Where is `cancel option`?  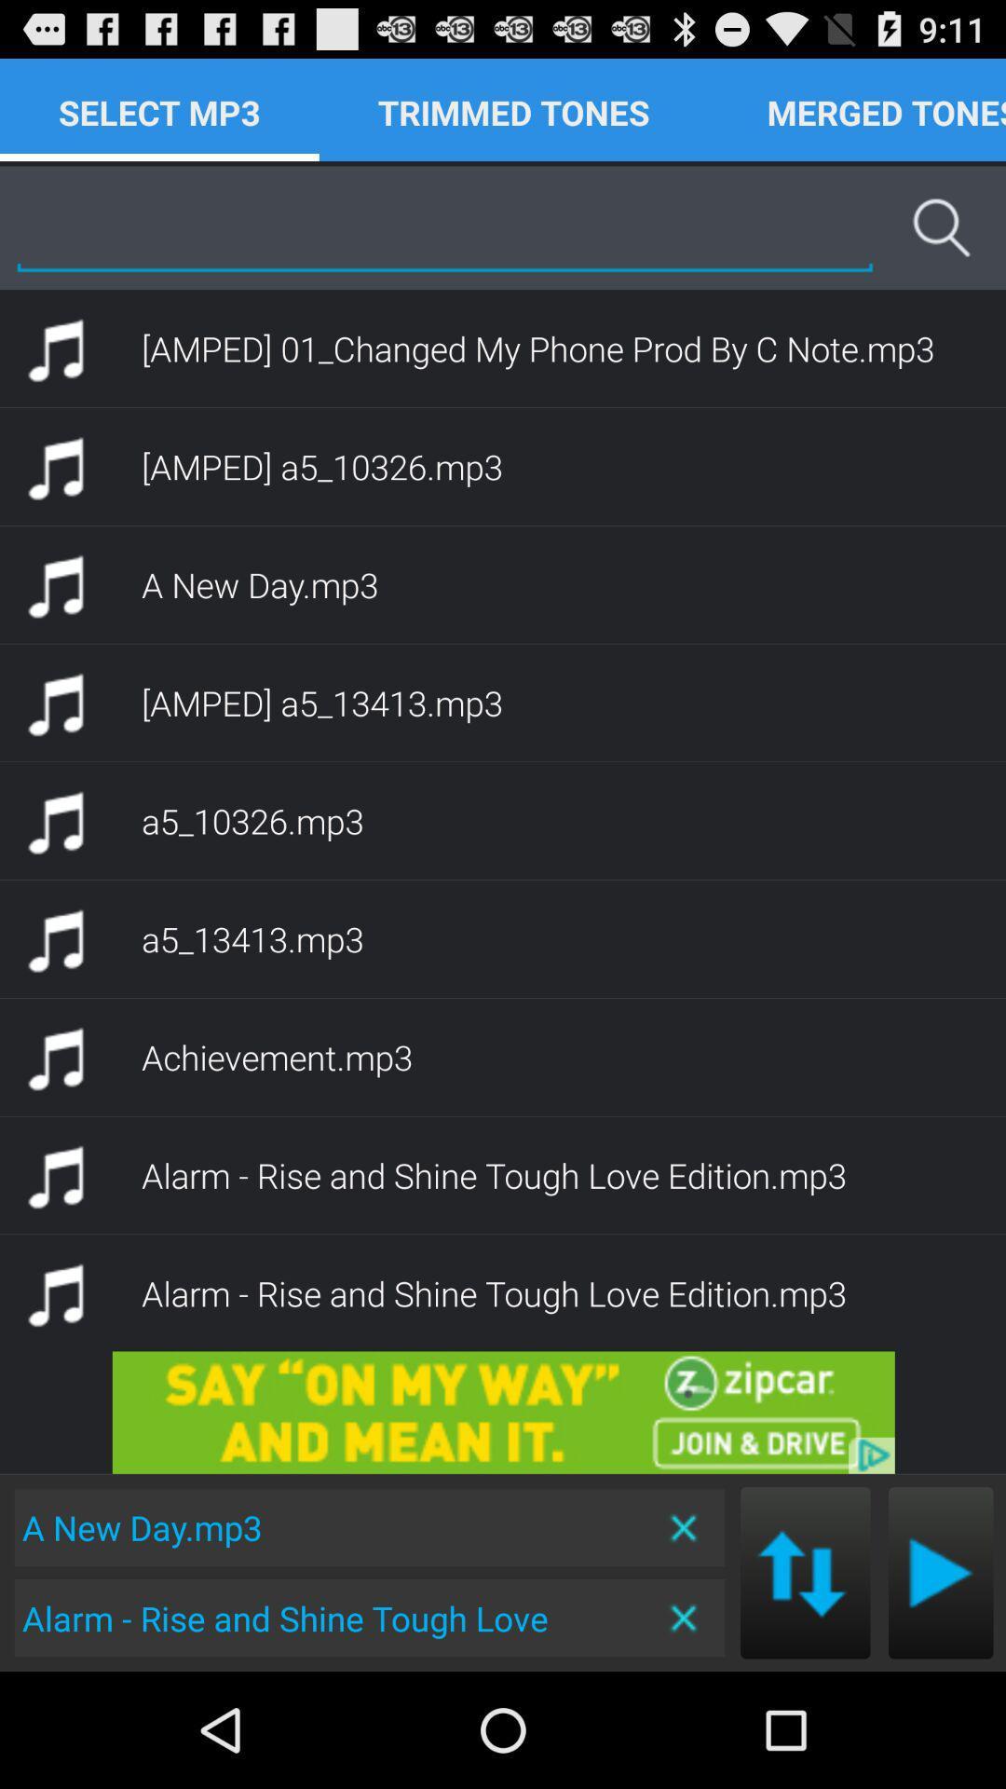 cancel option is located at coordinates (685, 1617).